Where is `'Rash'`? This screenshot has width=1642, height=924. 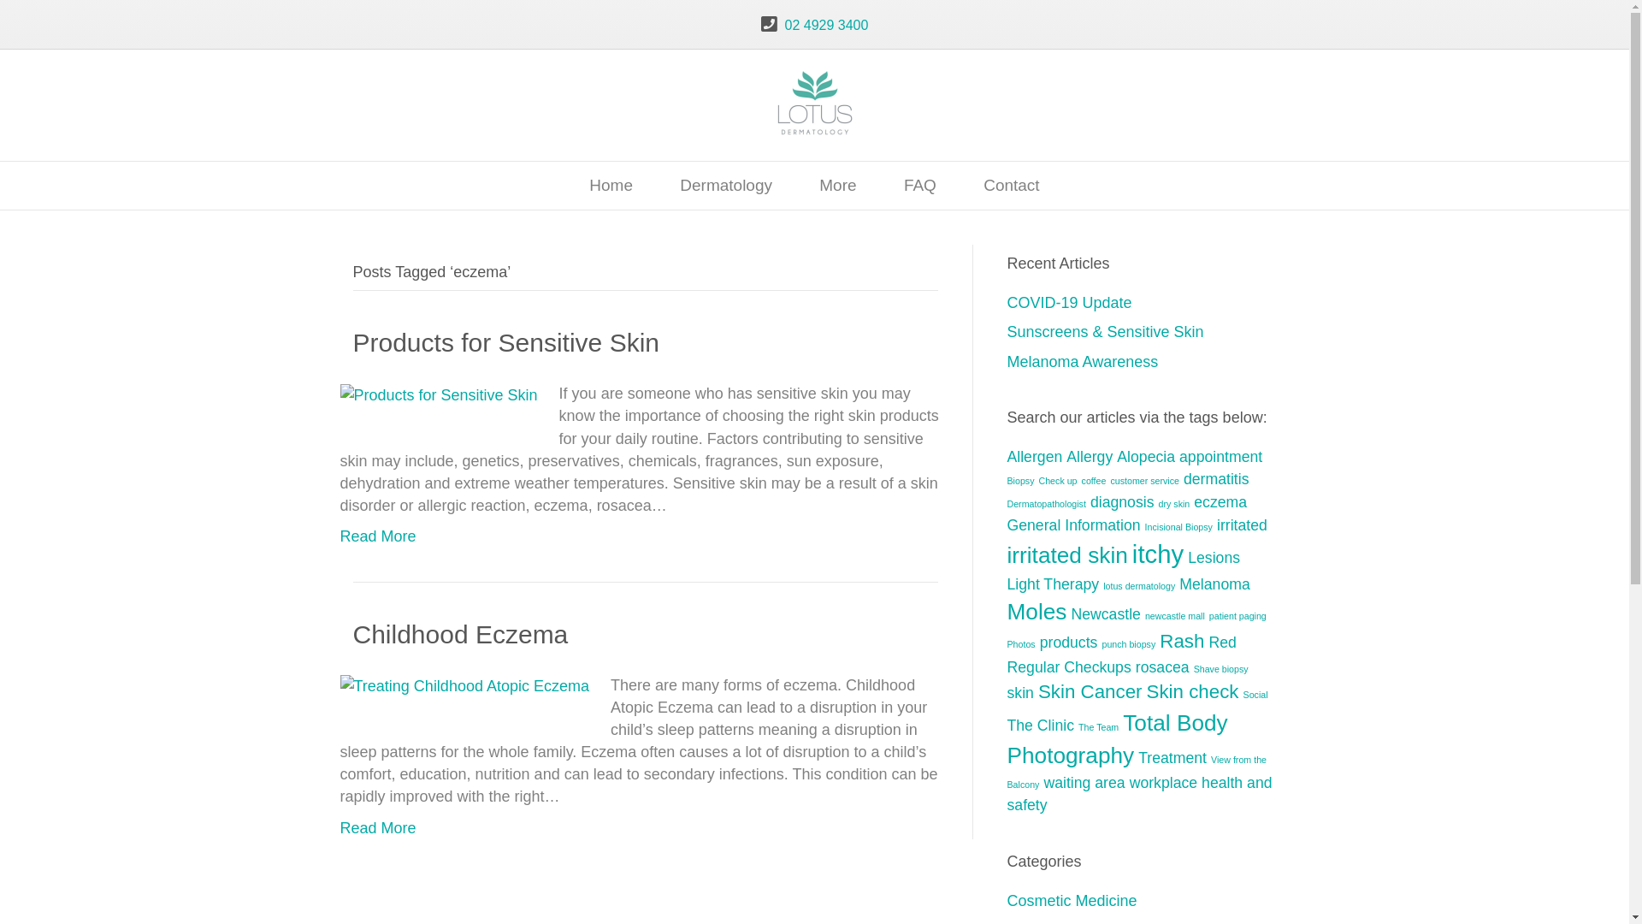 'Rash' is located at coordinates (1181, 641).